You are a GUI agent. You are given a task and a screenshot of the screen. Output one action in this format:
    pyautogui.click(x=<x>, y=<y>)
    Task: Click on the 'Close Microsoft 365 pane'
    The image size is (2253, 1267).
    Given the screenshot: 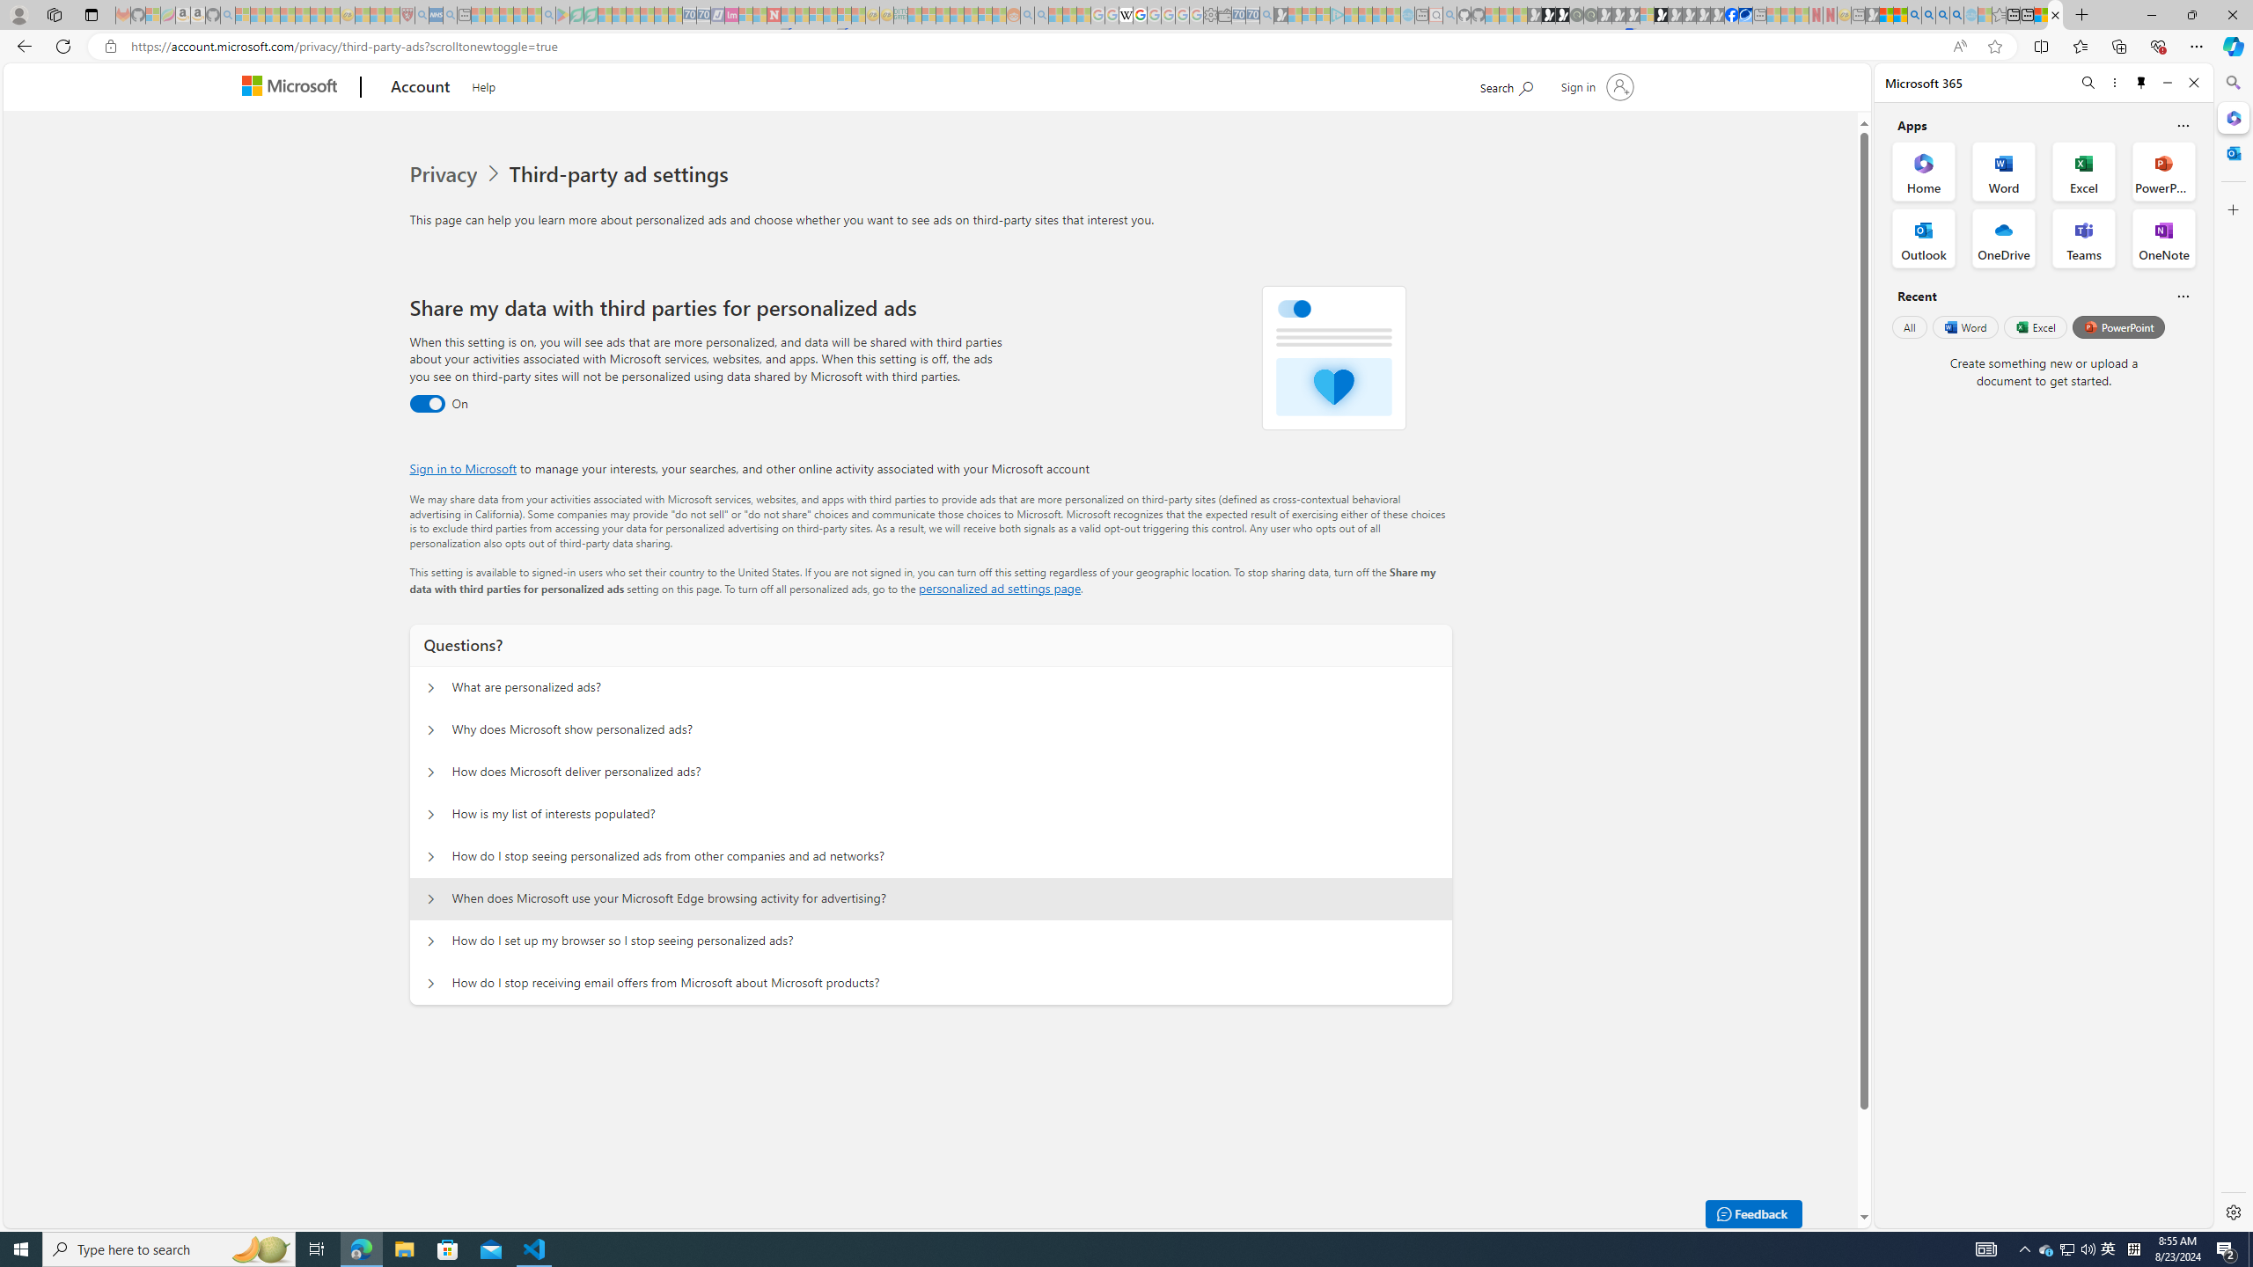 What is the action you would take?
    pyautogui.click(x=2231, y=118)
    